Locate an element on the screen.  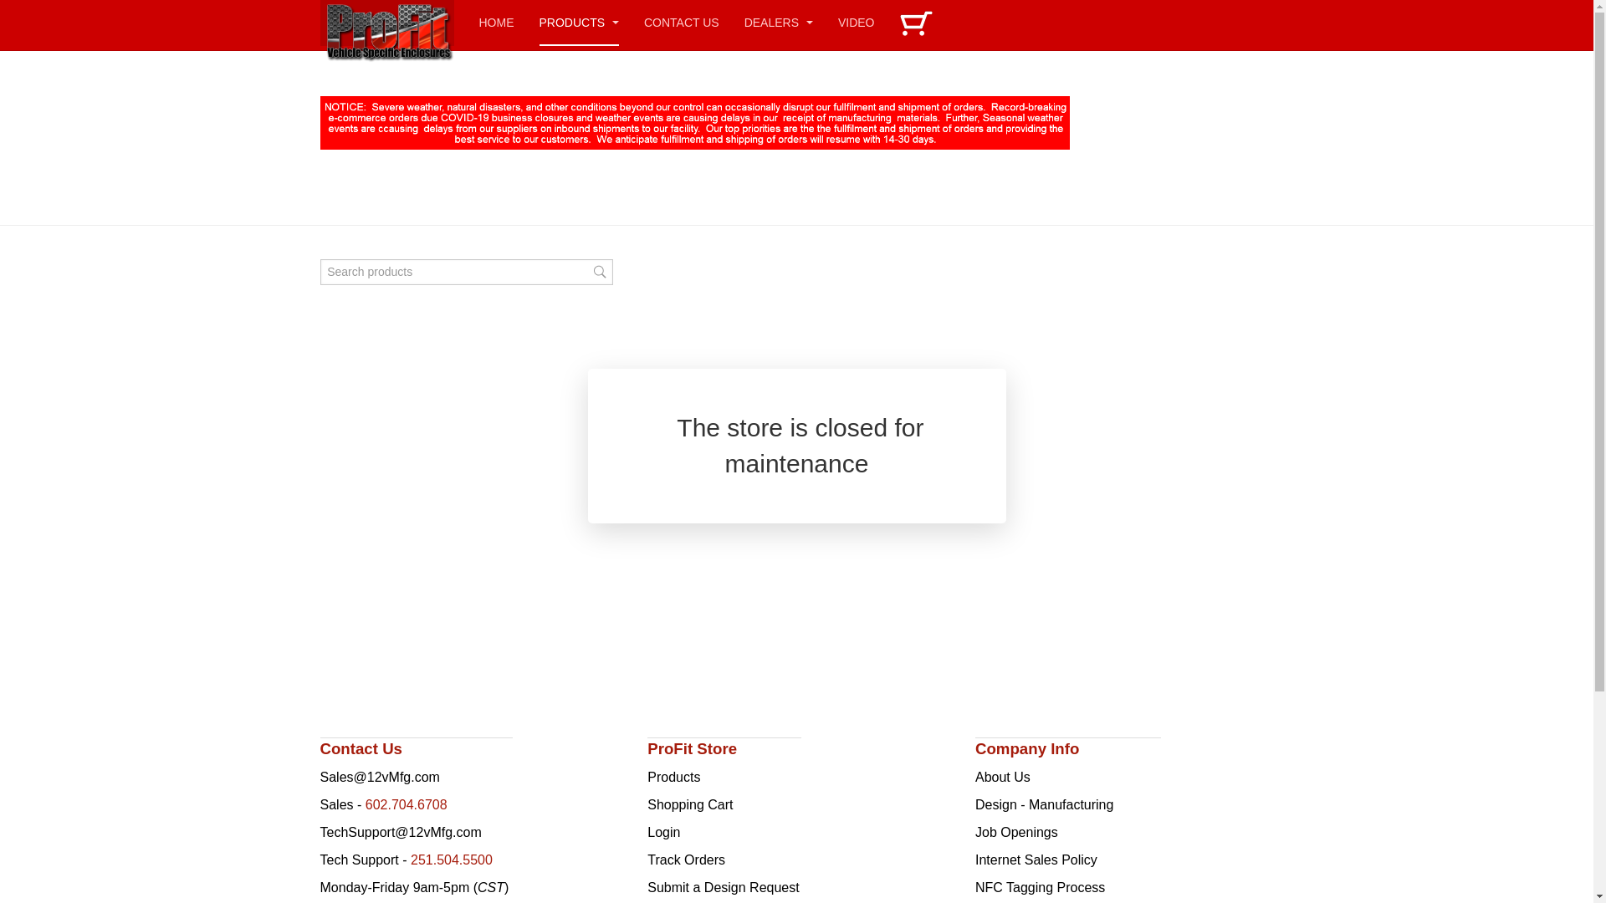
'NFC Tagging Process' is located at coordinates (1039, 886).